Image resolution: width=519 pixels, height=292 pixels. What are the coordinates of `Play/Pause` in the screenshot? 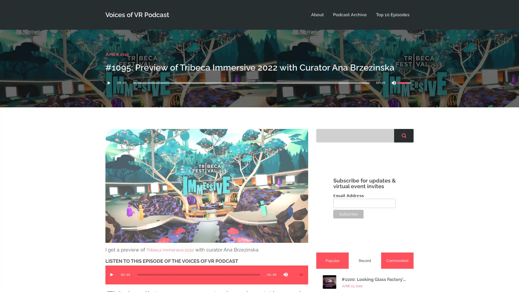 It's located at (109, 82).